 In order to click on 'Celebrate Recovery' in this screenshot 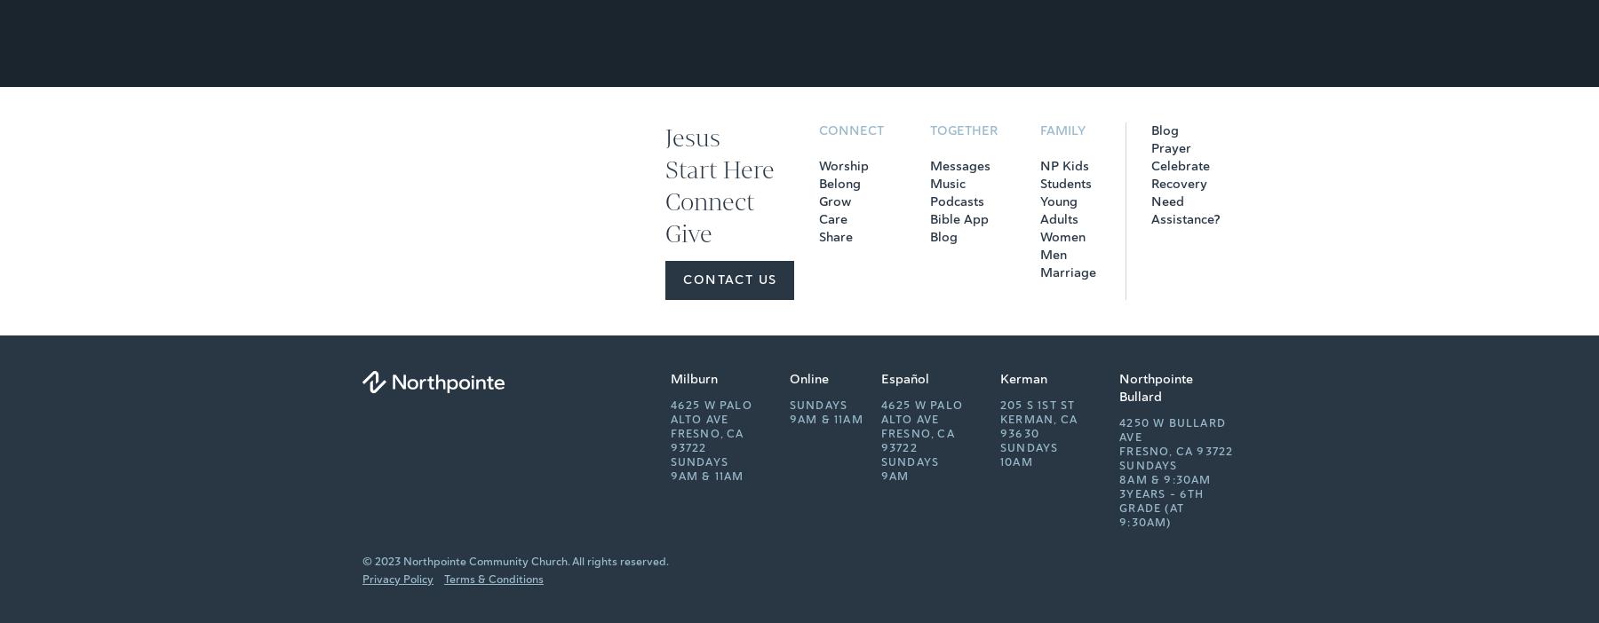, I will do `click(1180, 175)`.